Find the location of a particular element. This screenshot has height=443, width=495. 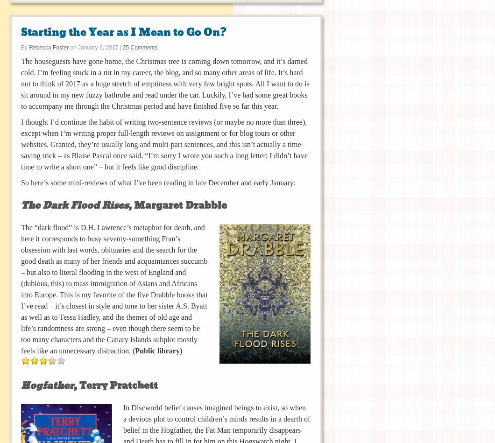

'I thought I’d continue the habit of writing two-sentence reviews (or maybe no more than three), except when I’m writing proper full-length reviews on assignment or for blog tours or other websites. Granted, they’re usually long and multi-part sentences, and this isn’t actually a time-saving trick – as Blaise Pascal once said, “I’m sorry I wrote you such a long letter; I didn’t have time to write a short one” – but it feels like good discipline.' is located at coordinates (164, 143).